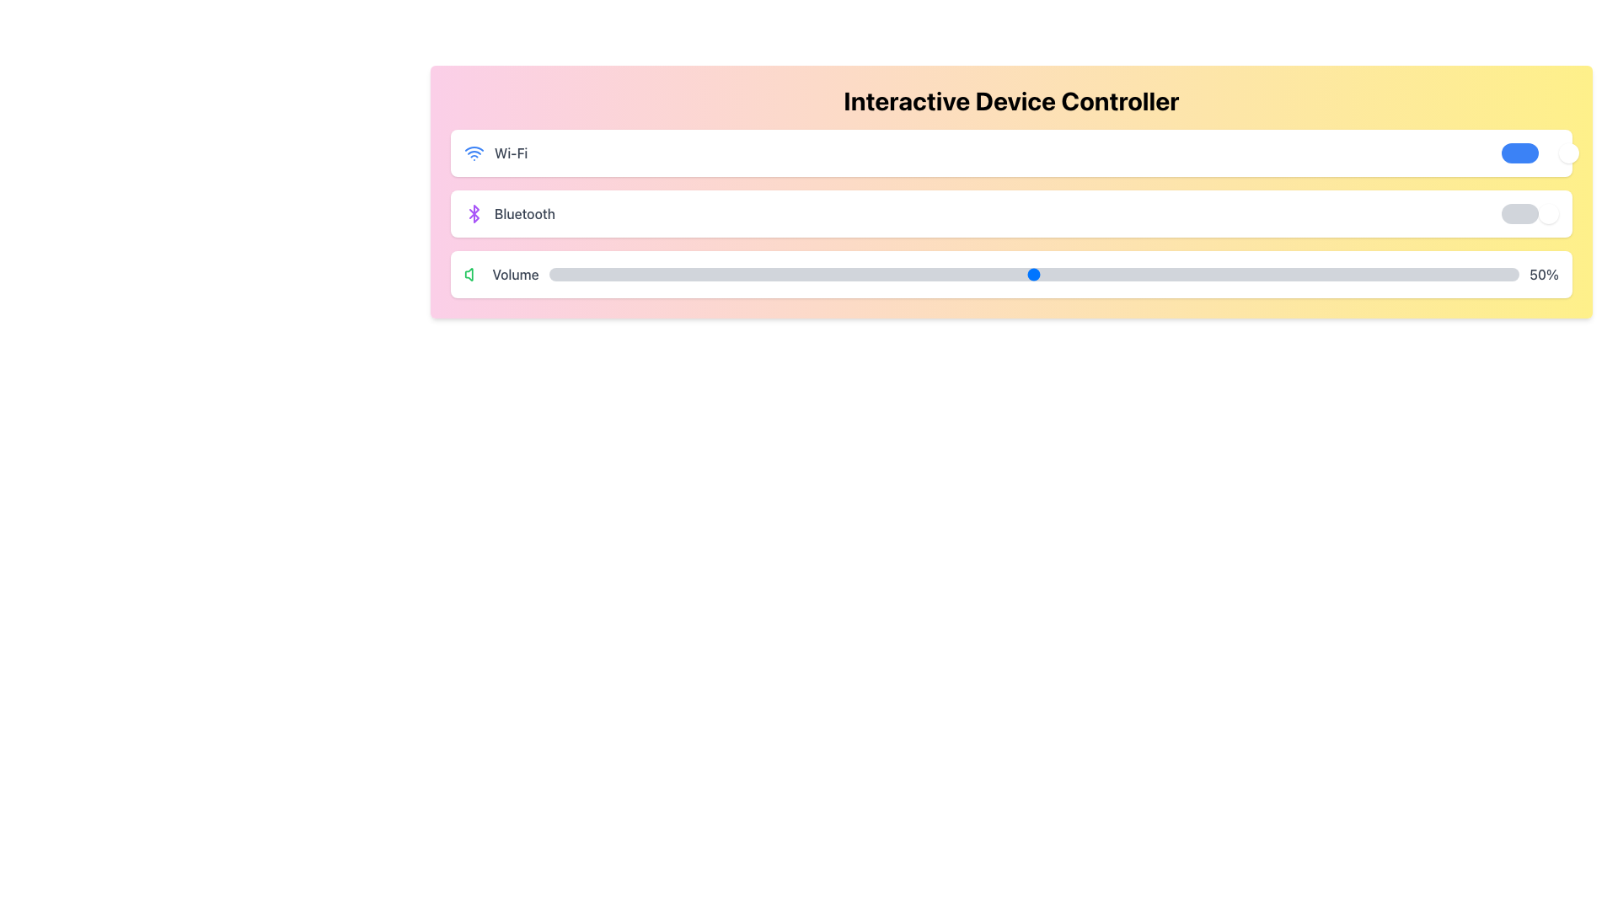 The image size is (1618, 910). What do you see at coordinates (549, 266) in the screenshot?
I see `the slider value` at bounding box center [549, 266].